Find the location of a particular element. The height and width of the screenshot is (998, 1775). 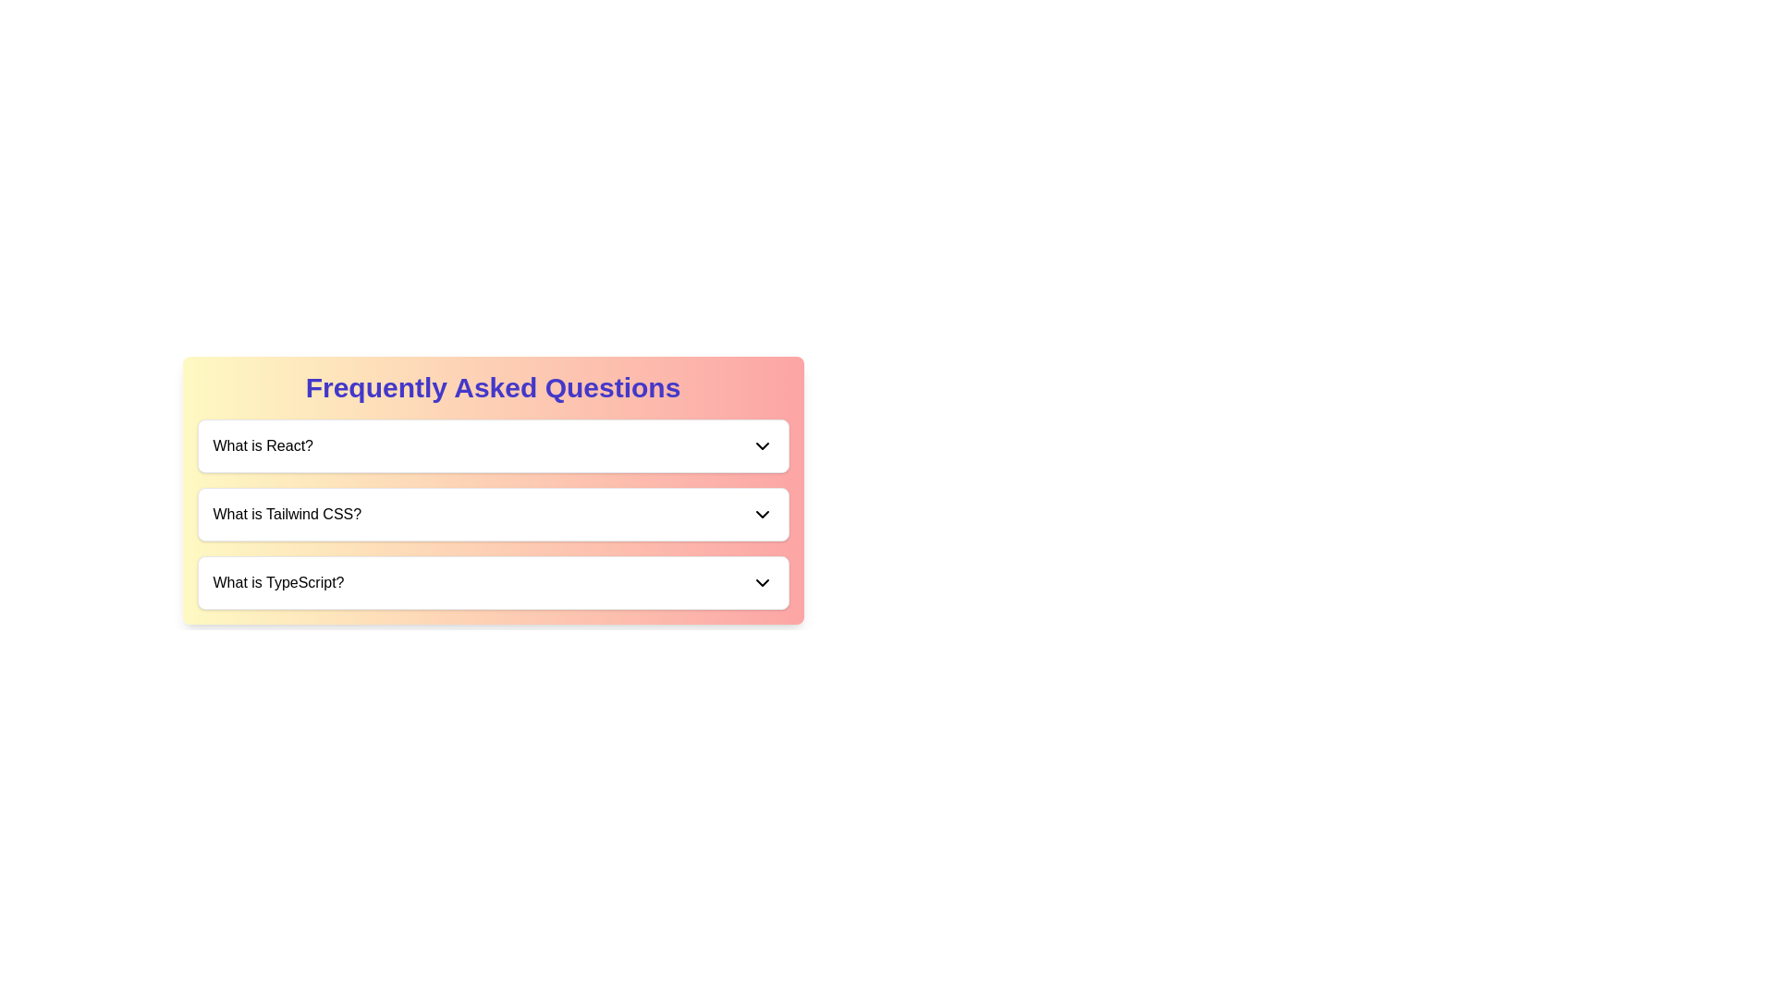

the collapsible menu item labeled 'What is TypeScript?' which is the third item in the 'Frequently Asked Questions' section is located at coordinates (493, 583).